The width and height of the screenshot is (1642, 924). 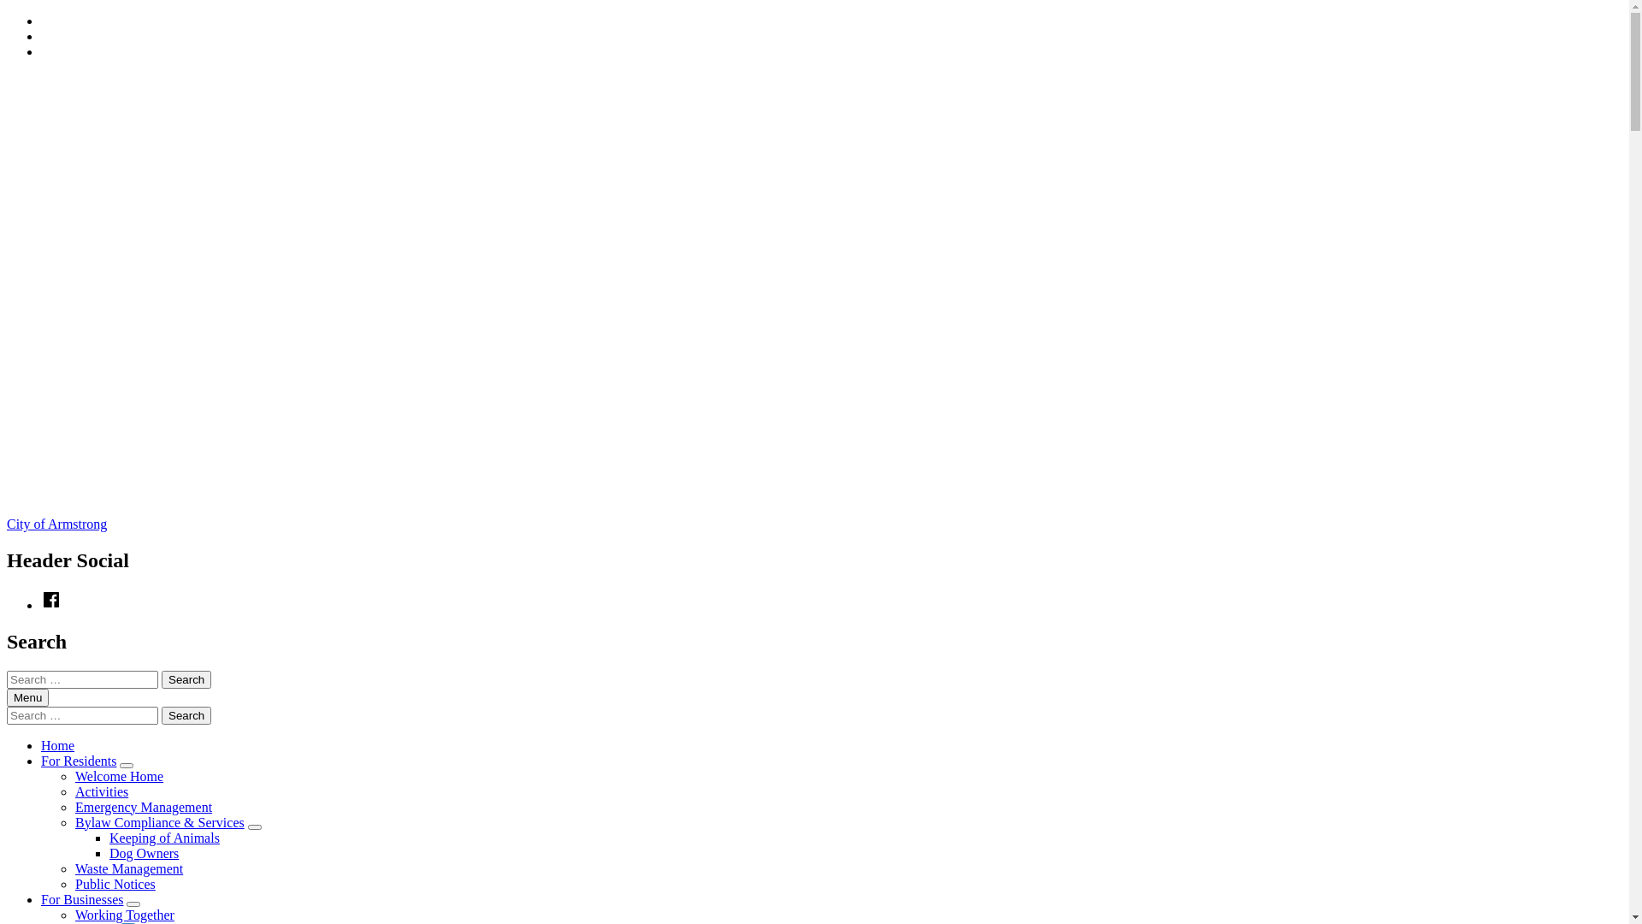 I want to click on 'City of Armstrong', so click(x=56, y=523).